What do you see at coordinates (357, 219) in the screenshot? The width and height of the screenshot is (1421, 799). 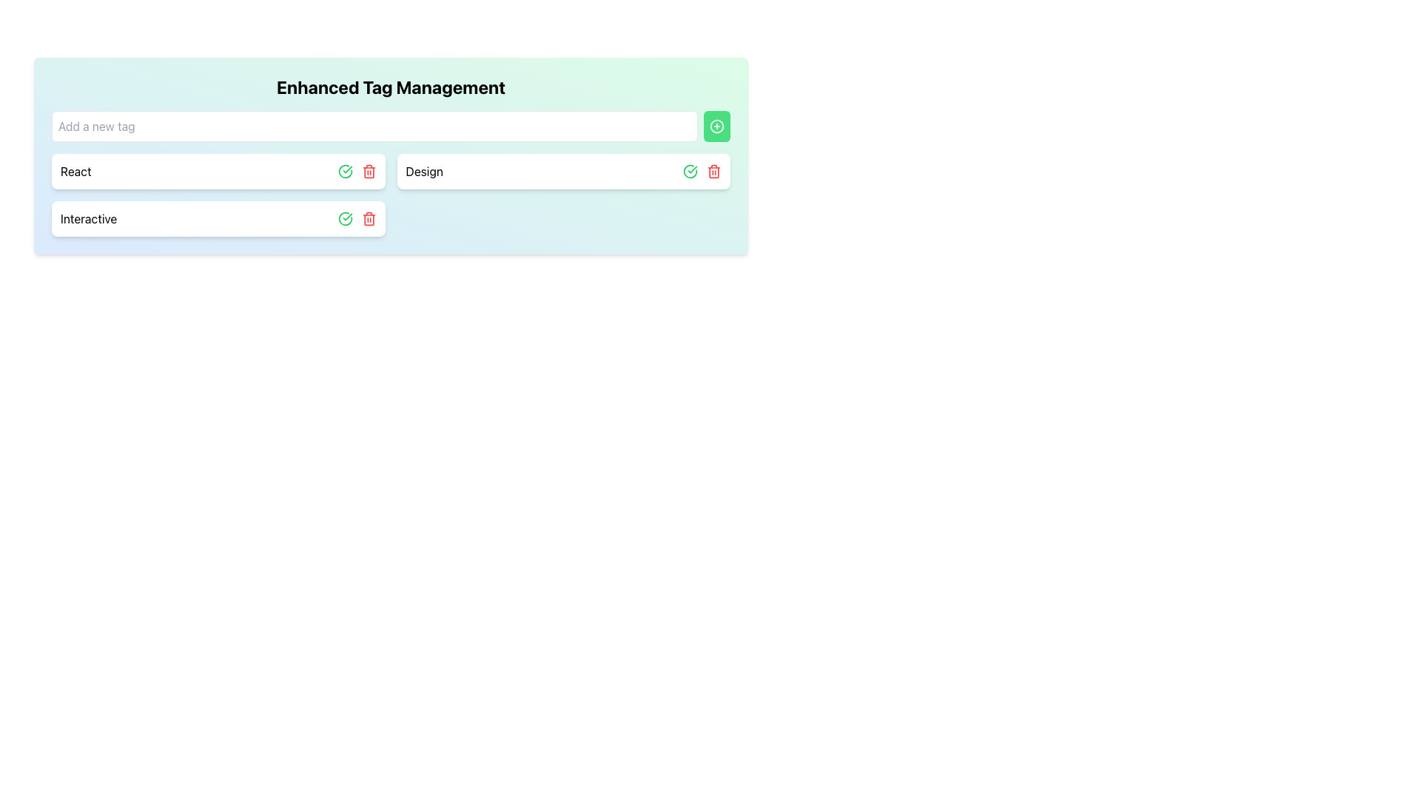 I see `the right red trash can icon in the Icon Group for deletion actions` at bounding box center [357, 219].